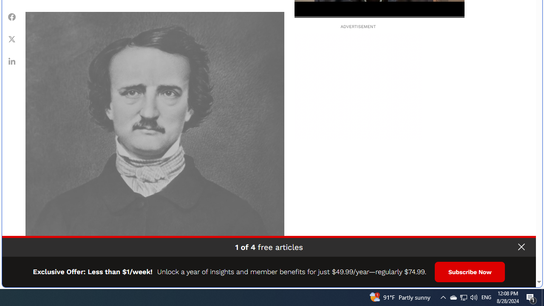 The height and width of the screenshot is (306, 544). I want to click on 'Portrait of Edgar Allan Poe.', so click(155, 141).